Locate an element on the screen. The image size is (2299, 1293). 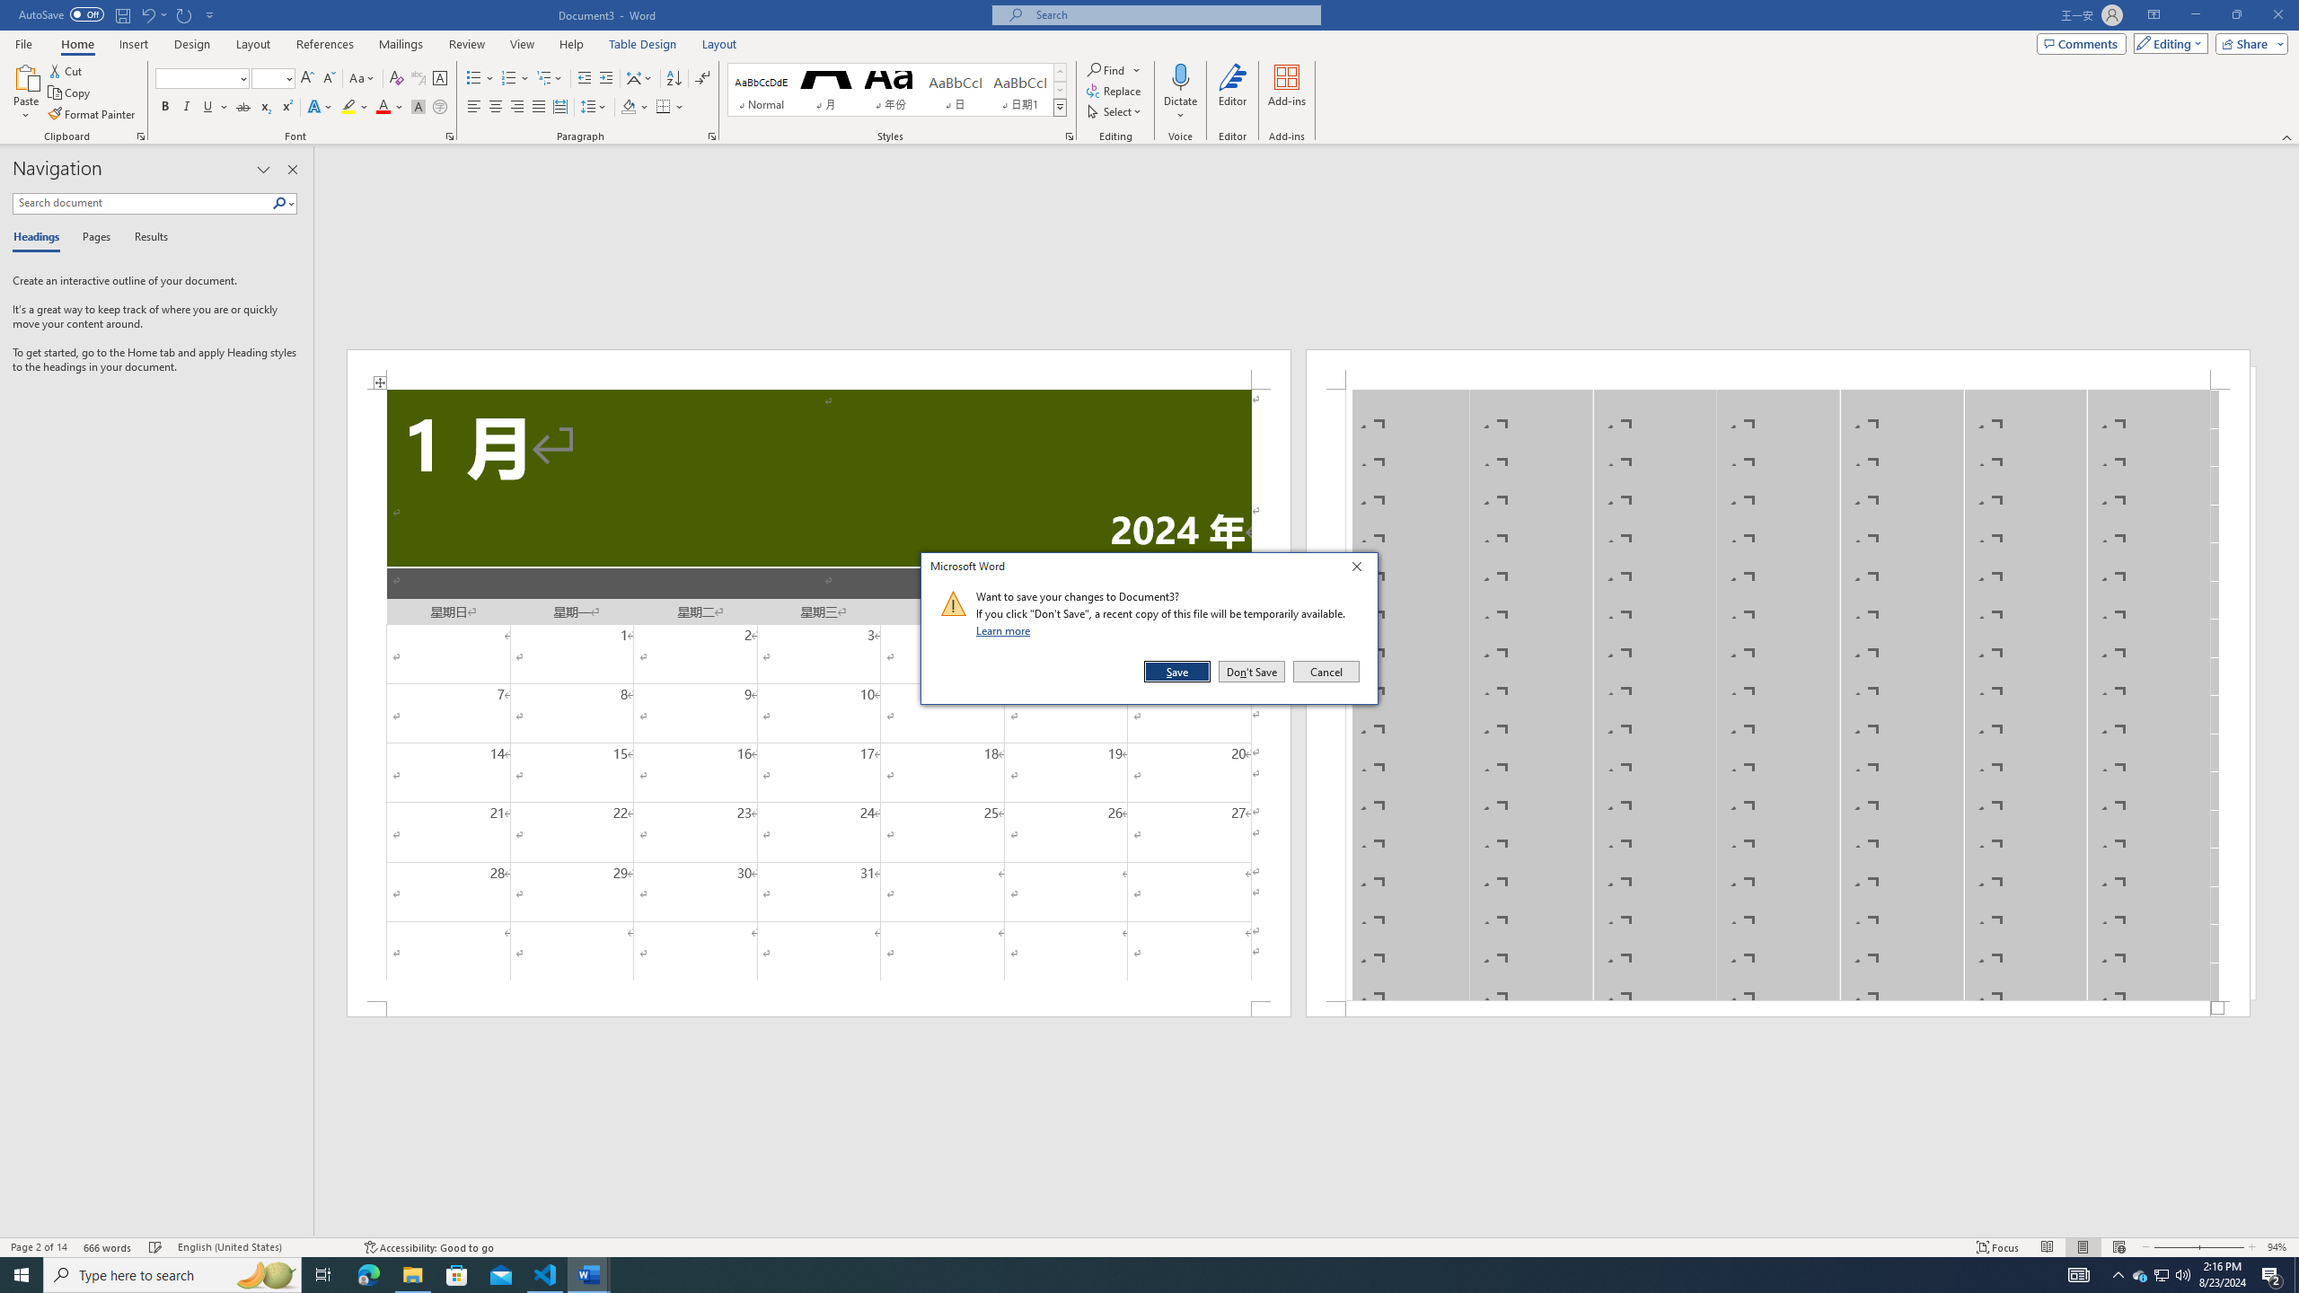
'Microsoft Edge' is located at coordinates (367, 1273).